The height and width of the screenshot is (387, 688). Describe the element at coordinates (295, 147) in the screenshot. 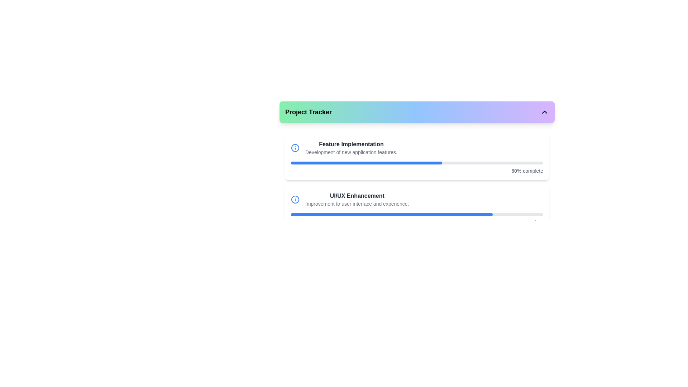

I see `the information icon located to the far left of the 'Feature Implementation' text` at that location.